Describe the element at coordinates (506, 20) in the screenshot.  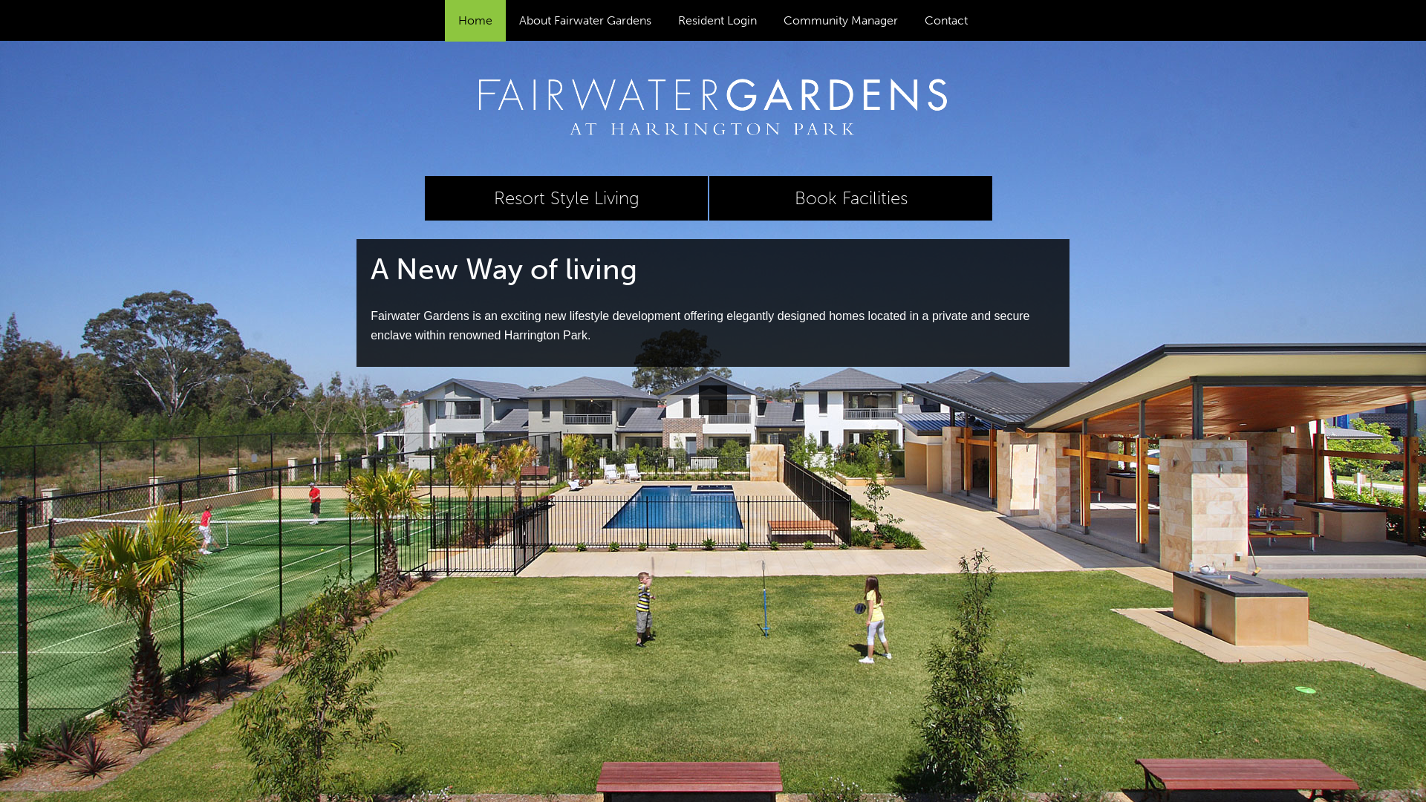
I see `'About Fairwater Gardens'` at that location.